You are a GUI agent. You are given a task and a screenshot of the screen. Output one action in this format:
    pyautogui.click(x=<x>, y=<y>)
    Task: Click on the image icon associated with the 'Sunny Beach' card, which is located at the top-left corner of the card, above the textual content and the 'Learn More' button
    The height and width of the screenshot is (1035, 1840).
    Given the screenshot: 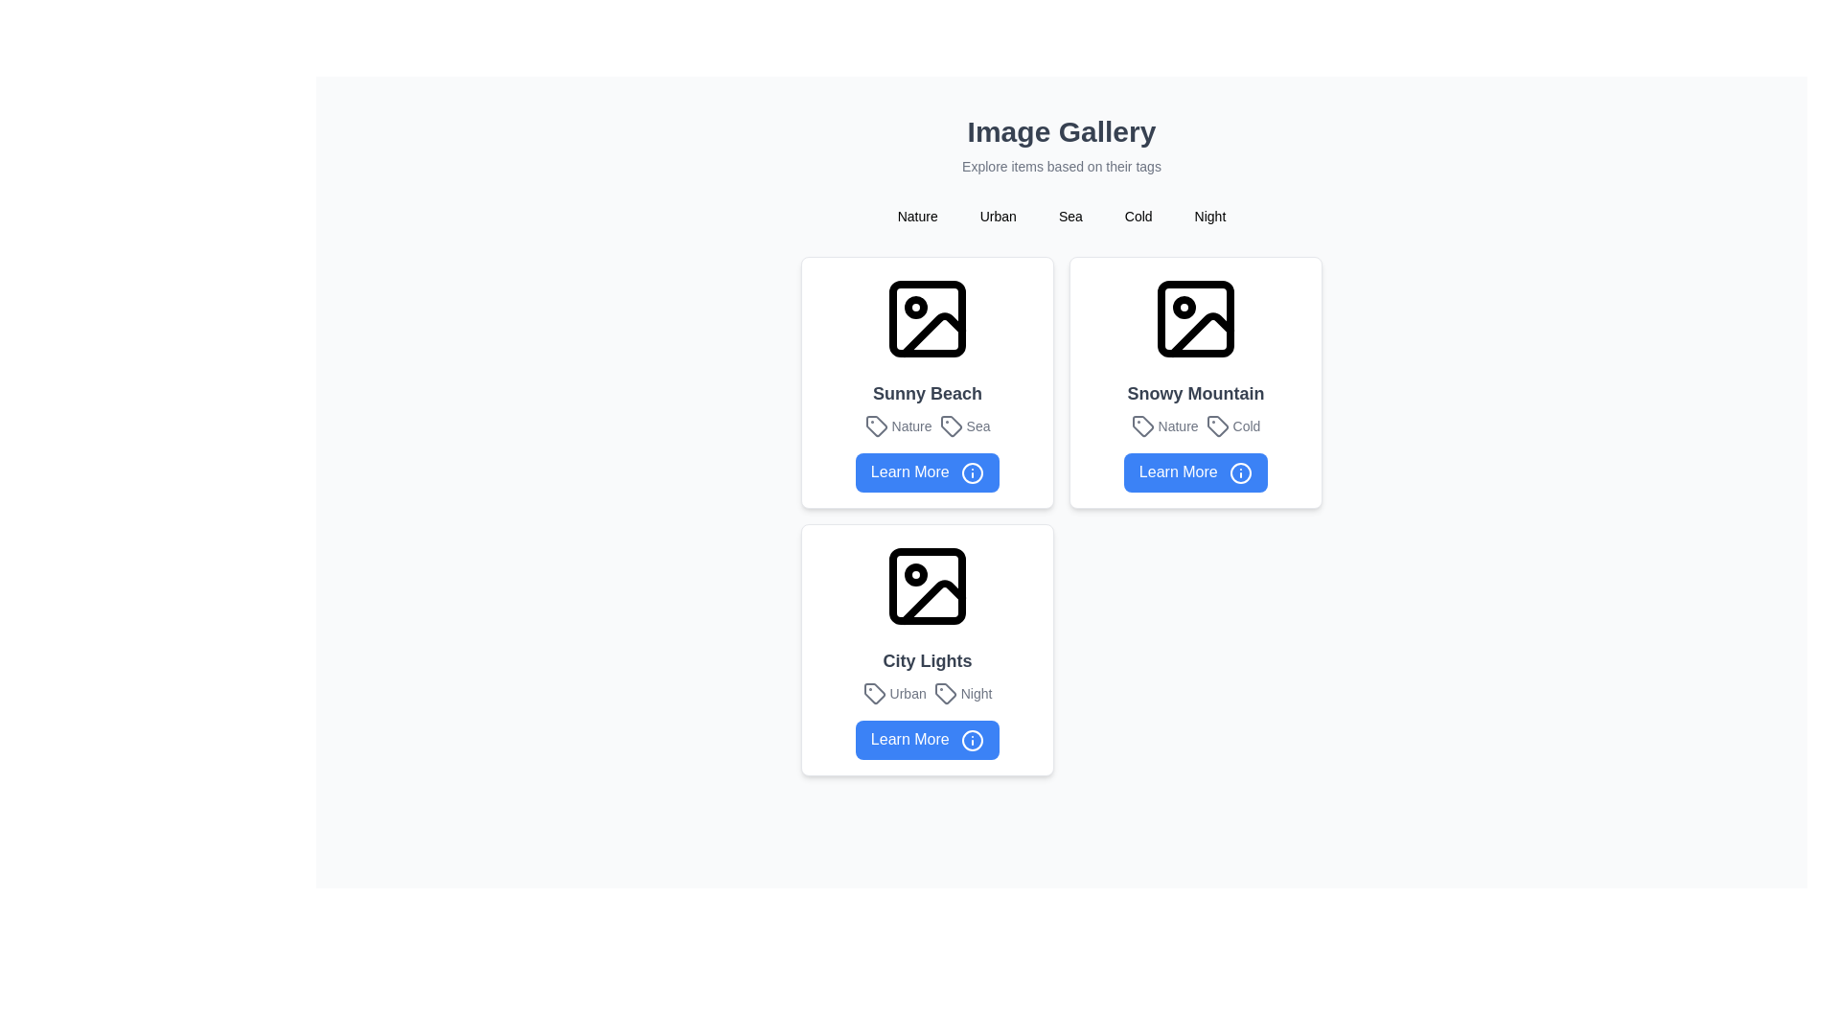 What is the action you would take?
    pyautogui.click(x=928, y=317)
    